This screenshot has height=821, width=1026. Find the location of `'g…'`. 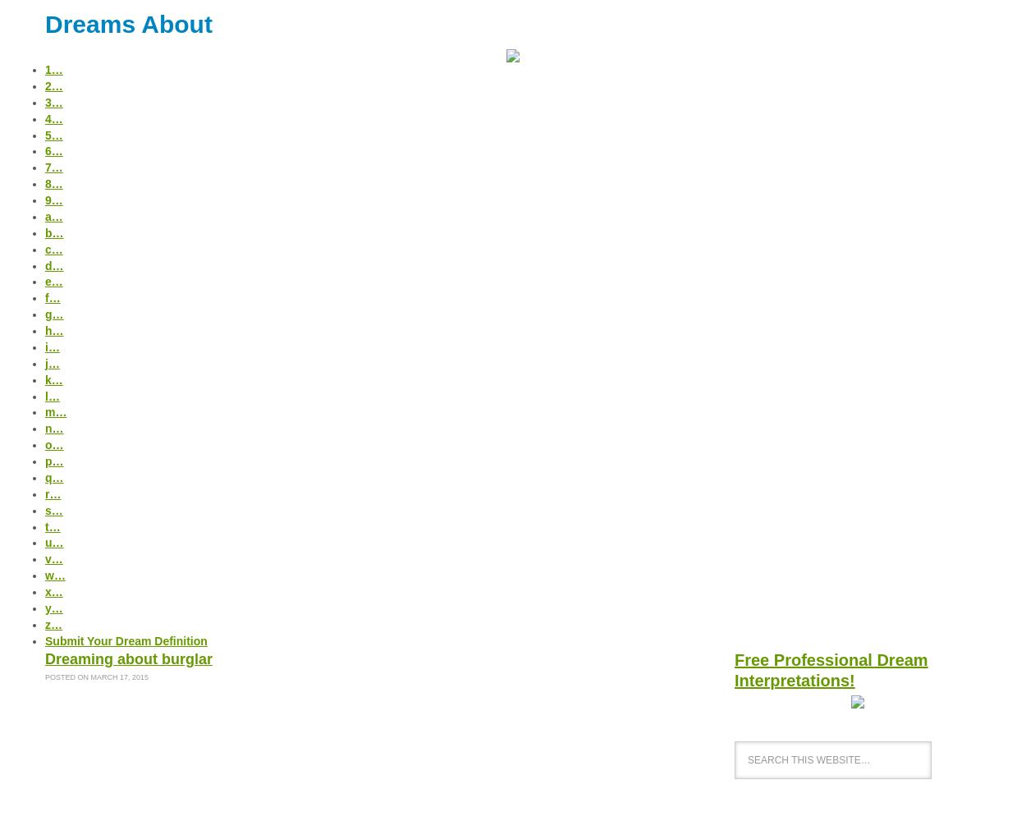

'g…' is located at coordinates (53, 314).